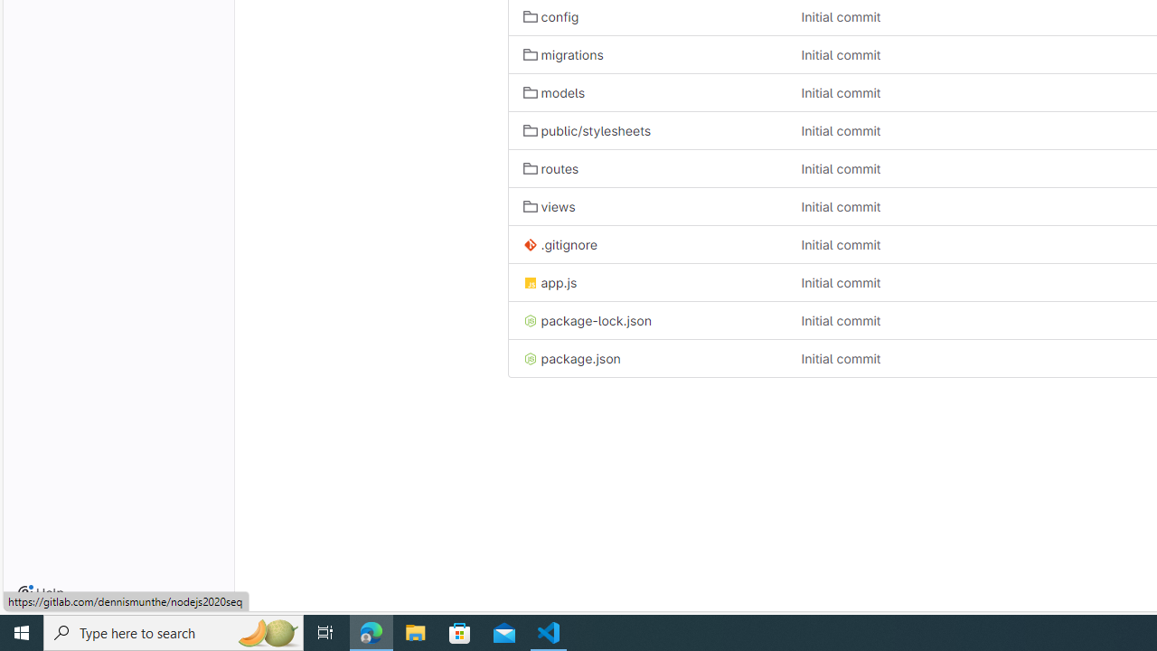 This screenshot has width=1157, height=651. Describe the element at coordinates (647, 92) in the screenshot. I see `'models'` at that location.